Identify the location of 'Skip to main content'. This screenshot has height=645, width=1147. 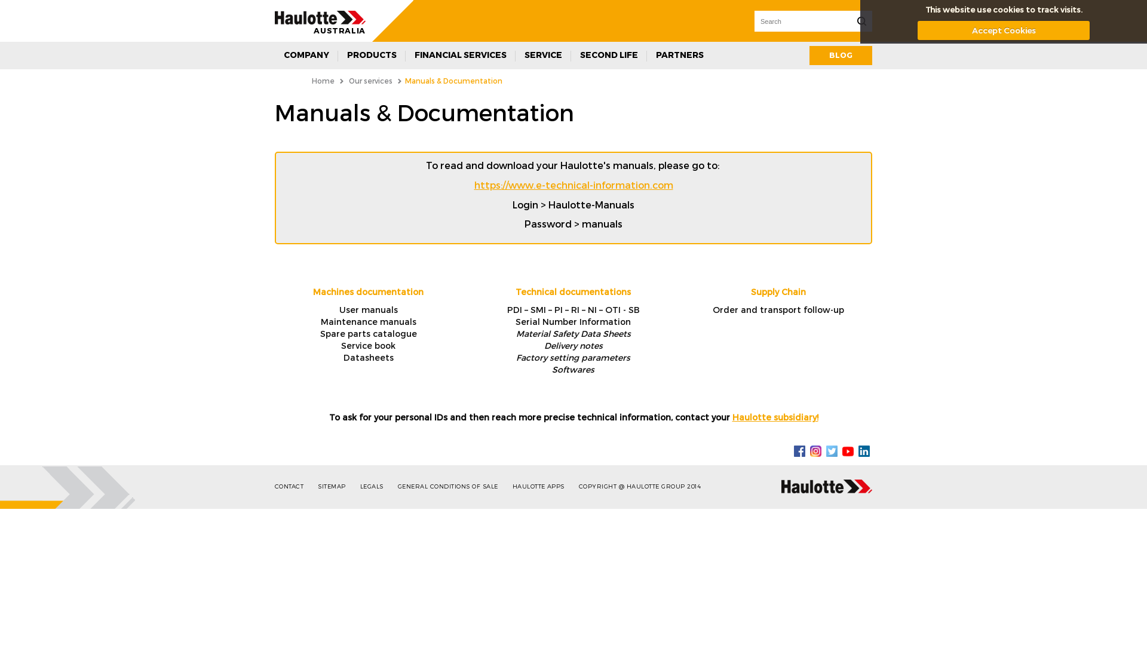
(45, 0).